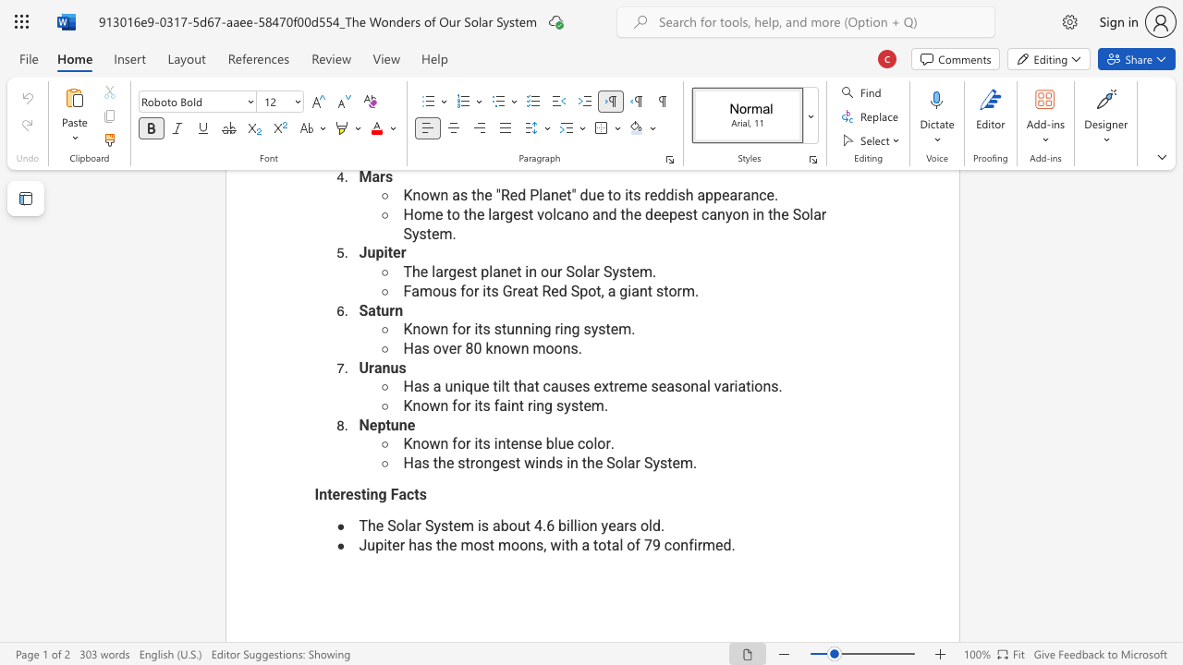 Image resolution: width=1183 pixels, height=665 pixels. I want to click on the space between the continuous character "u" and "t" in the text, so click(523, 526).